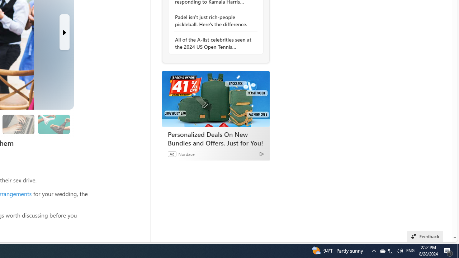 This screenshot has height=258, width=459. What do you see at coordinates (64, 32) in the screenshot?
I see `'Next Slide'` at bounding box center [64, 32].